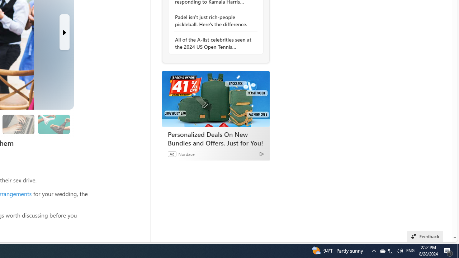 This screenshot has height=258, width=459. What do you see at coordinates (64, 32) in the screenshot?
I see `'Next Slide'` at bounding box center [64, 32].